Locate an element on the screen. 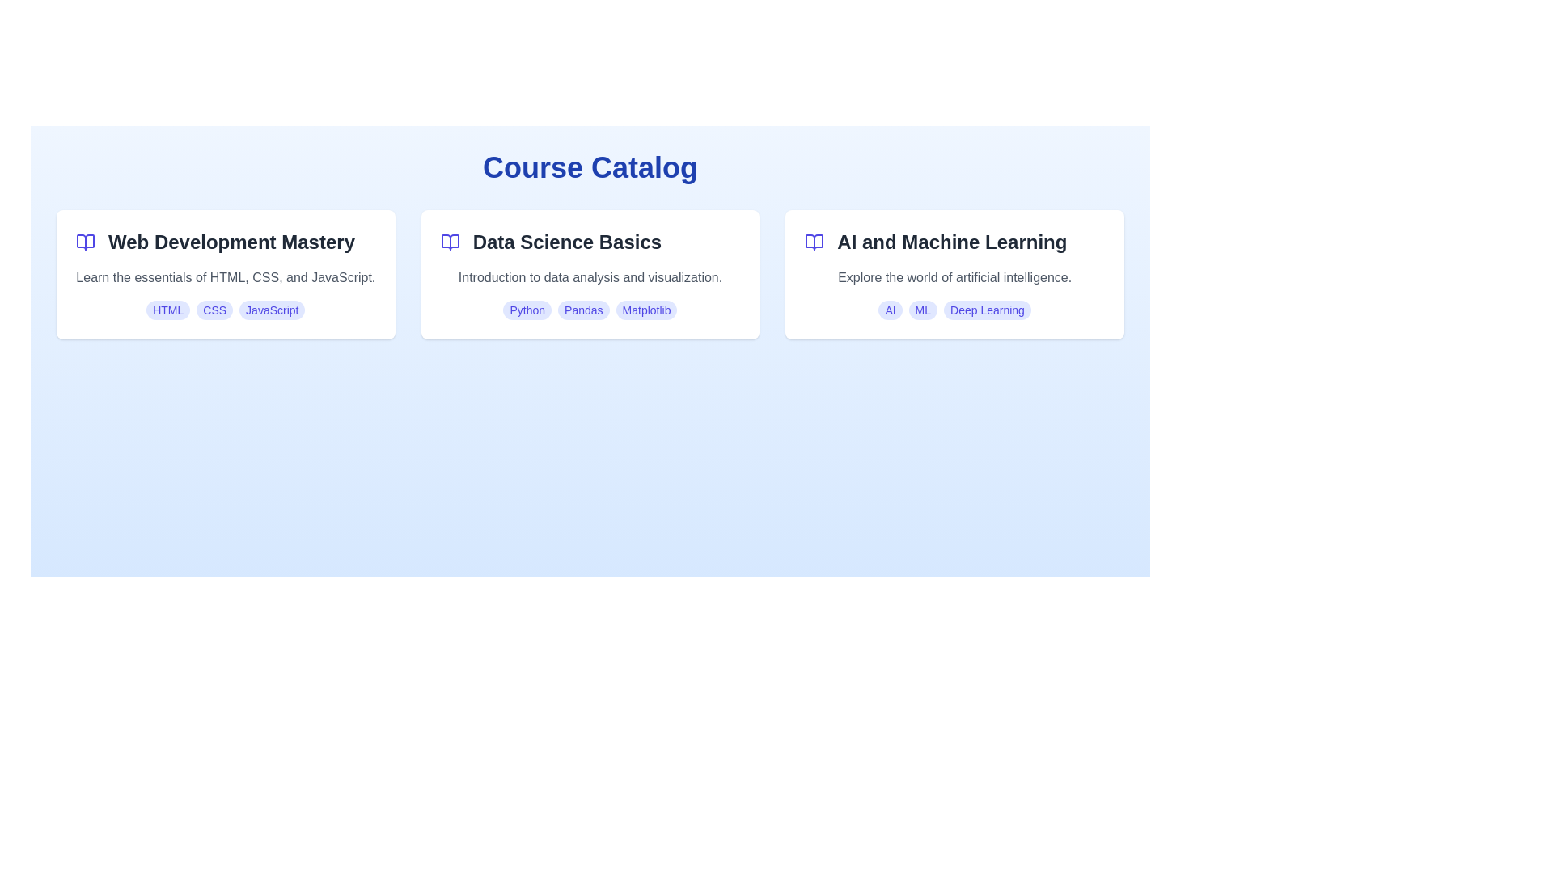  the JavaScript tag, which is the third tag in the horizontal row of technology indicators in the 'Web Development Mastery' section is located at coordinates (272, 310).